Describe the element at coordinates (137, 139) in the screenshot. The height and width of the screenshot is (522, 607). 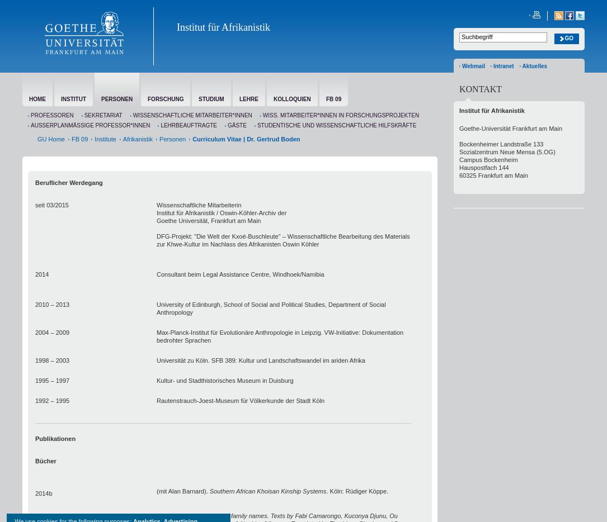
I see `'Afrikanistik'` at that location.